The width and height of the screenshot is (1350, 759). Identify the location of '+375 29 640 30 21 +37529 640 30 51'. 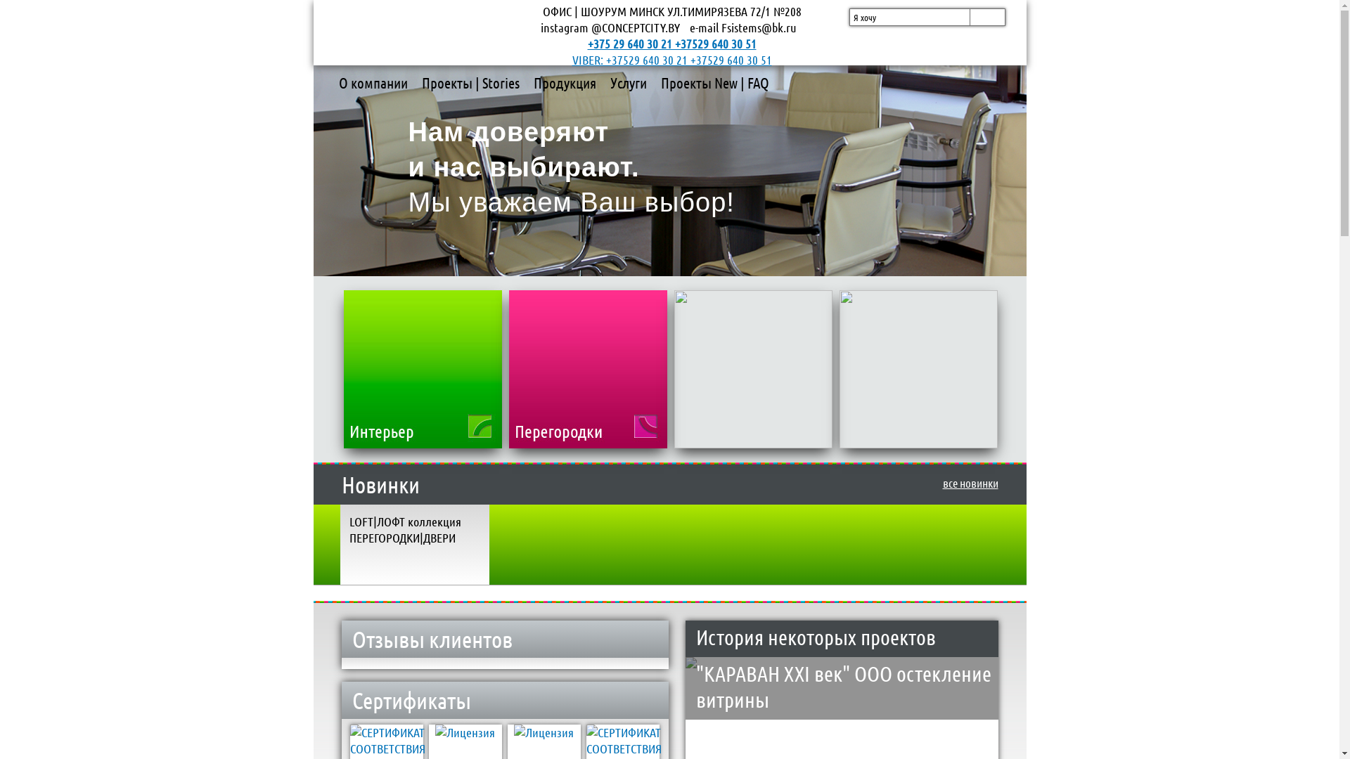
(587, 42).